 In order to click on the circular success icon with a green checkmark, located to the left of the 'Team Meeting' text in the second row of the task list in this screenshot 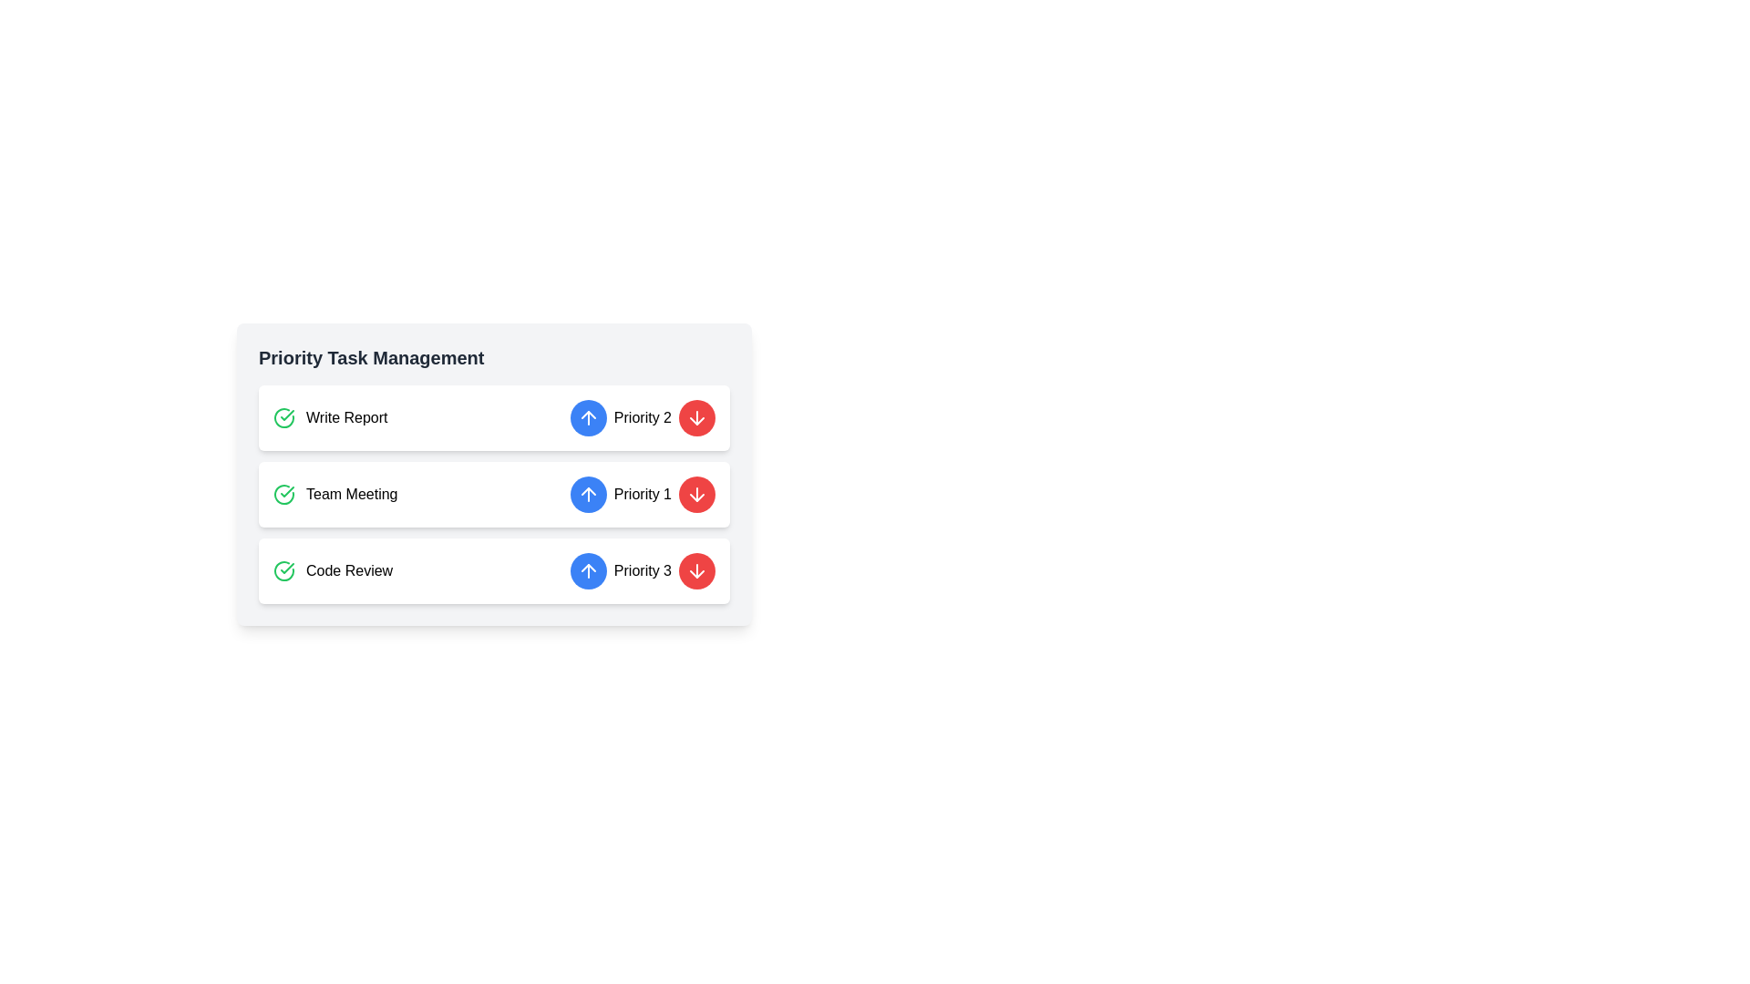, I will do `click(283, 495)`.